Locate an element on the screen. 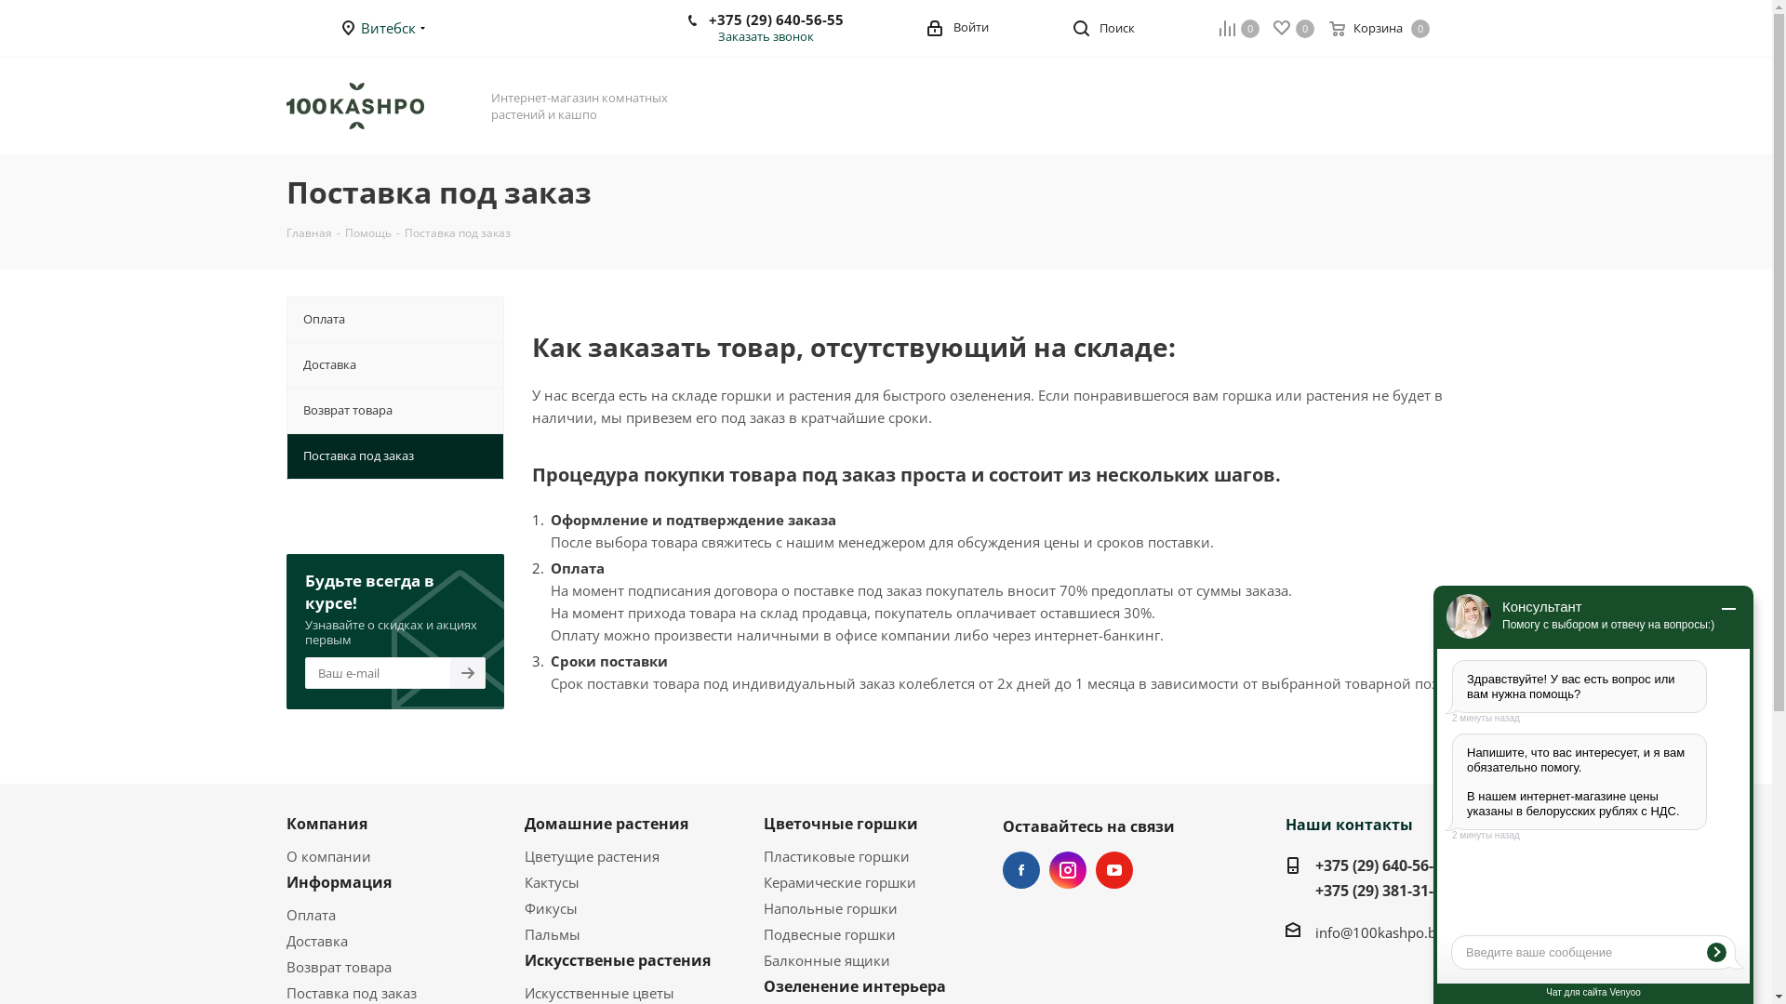 This screenshot has height=1004, width=1786. 'YouTube' is located at coordinates (1095, 870).